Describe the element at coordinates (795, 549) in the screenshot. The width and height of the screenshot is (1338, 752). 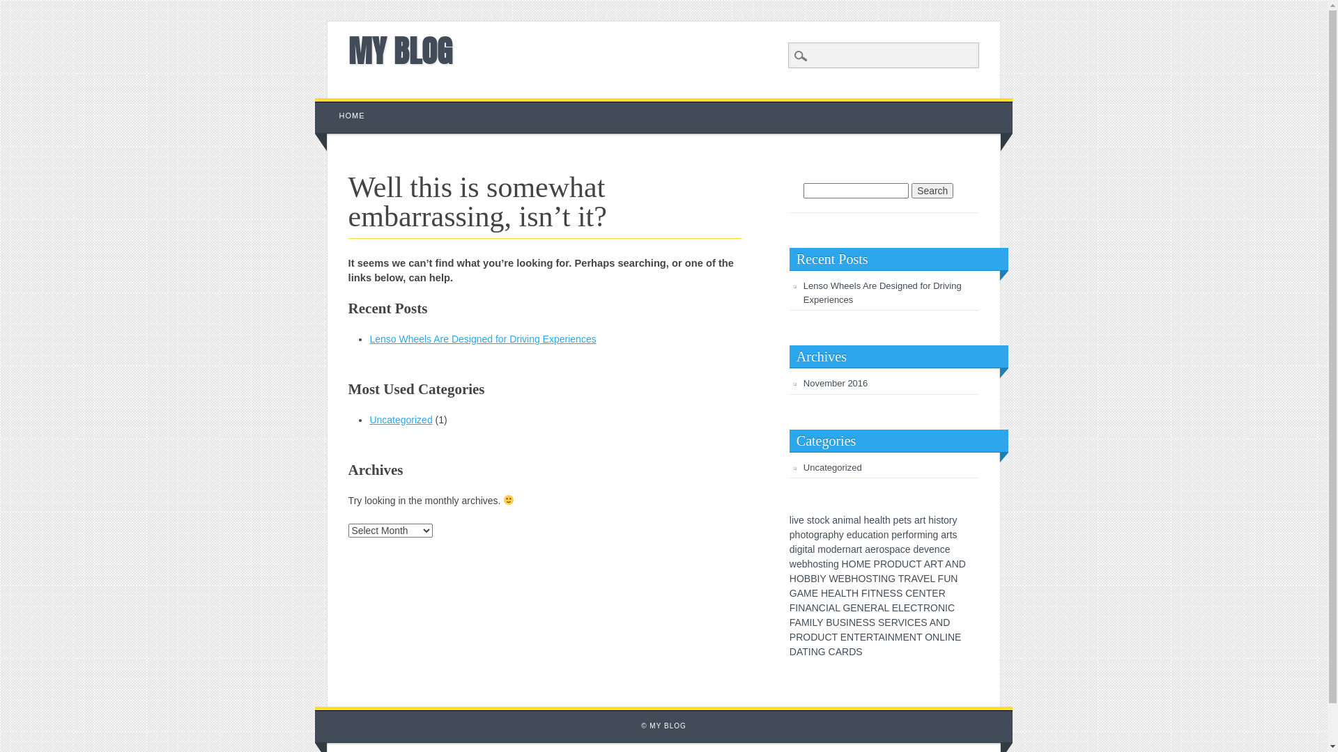
I see `'i'` at that location.